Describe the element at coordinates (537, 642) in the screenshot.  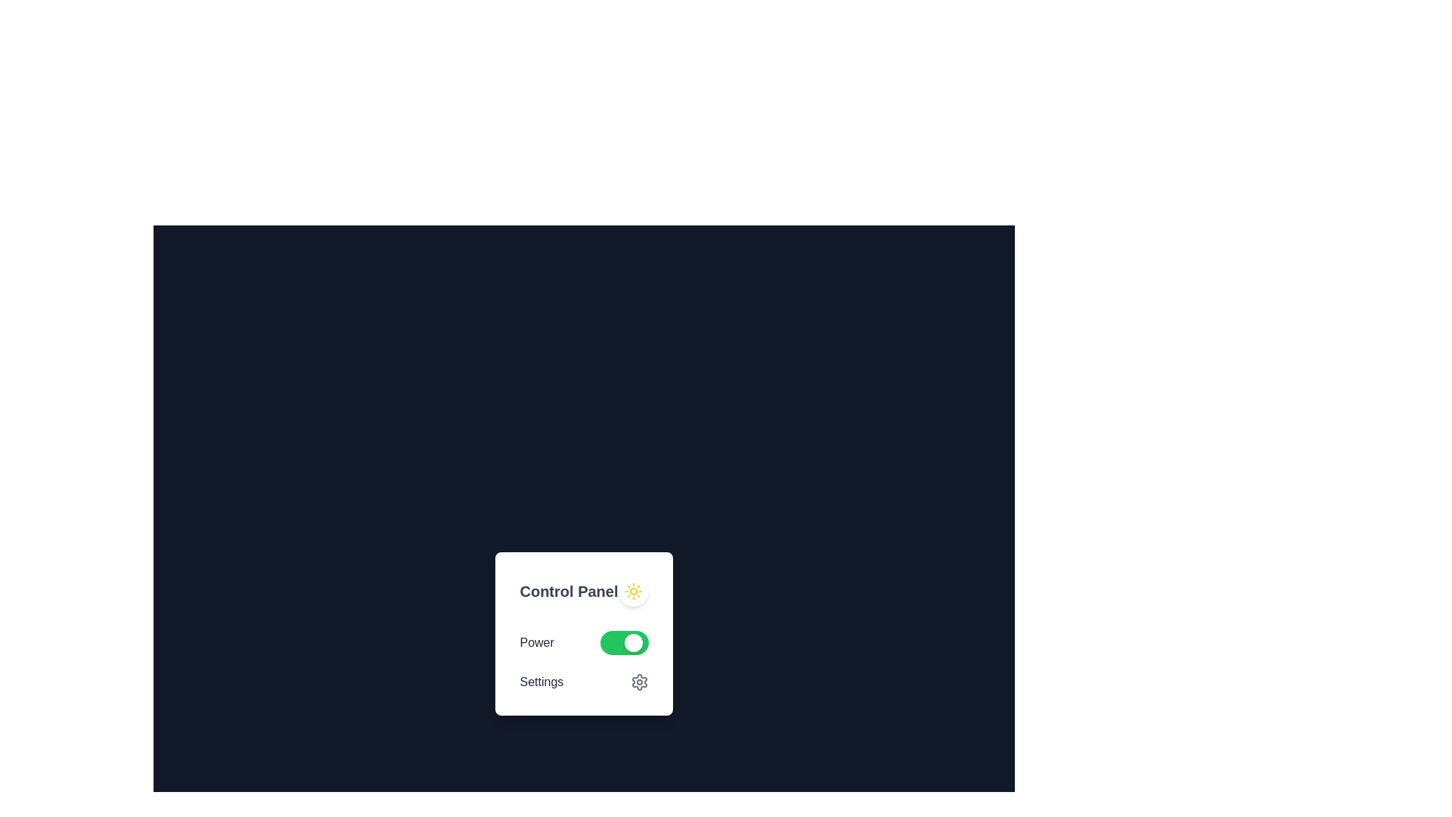
I see `the 'Power' label text, which is positioned to the left of the green toggle switch in the control panel interface` at that location.